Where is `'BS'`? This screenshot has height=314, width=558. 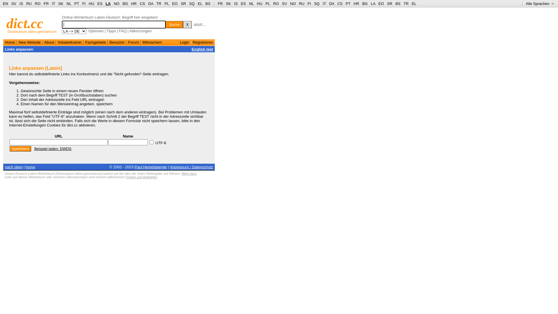
'BS' is located at coordinates (395, 3).